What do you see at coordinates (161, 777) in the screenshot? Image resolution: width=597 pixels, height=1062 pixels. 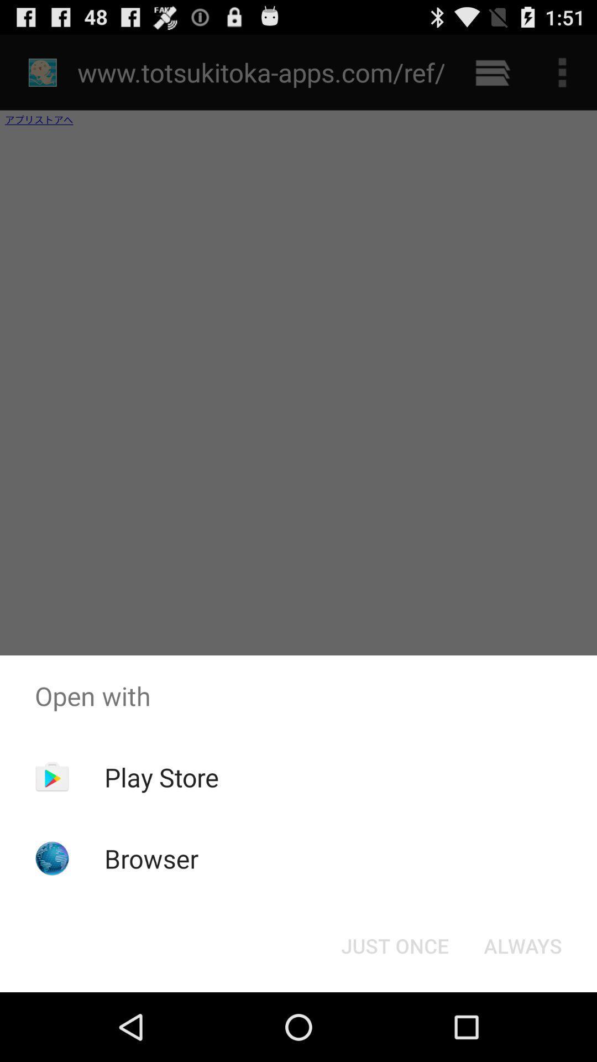 I see `play store app` at bounding box center [161, 777].